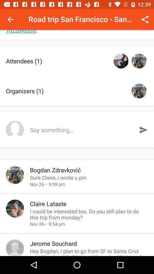 Image resolution: width=154 pixels, height=274 pixels. What do you see at coordinates (89, 251) in the screenshot?
I see `hey bogdan i` at bounding box center [89, 251].